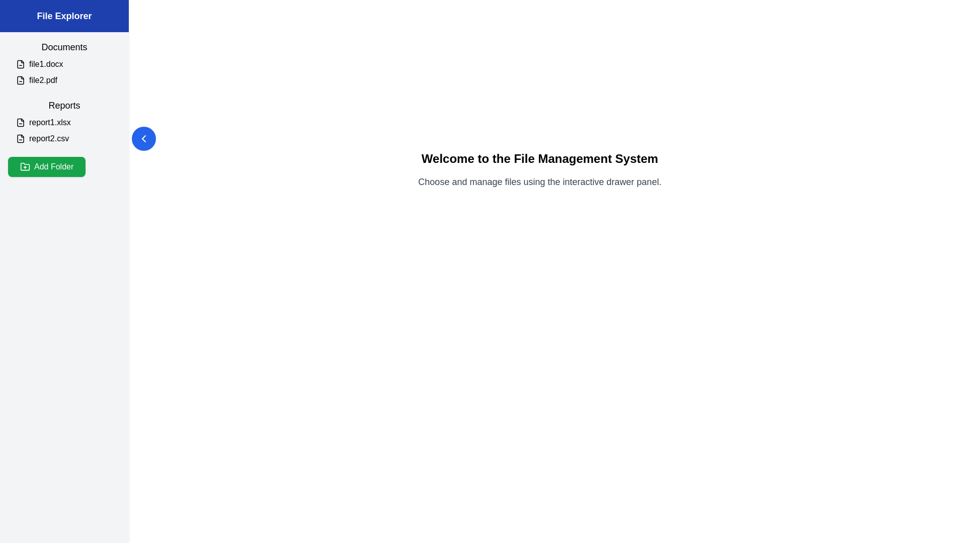  Describe the element at coordinates (21, 139) in the screenshot. I see `the decorative file icon representing 'report2.csv' located in the 'Reports' section of the sidebar, which is the first visual component to the left of the file name` at that location.